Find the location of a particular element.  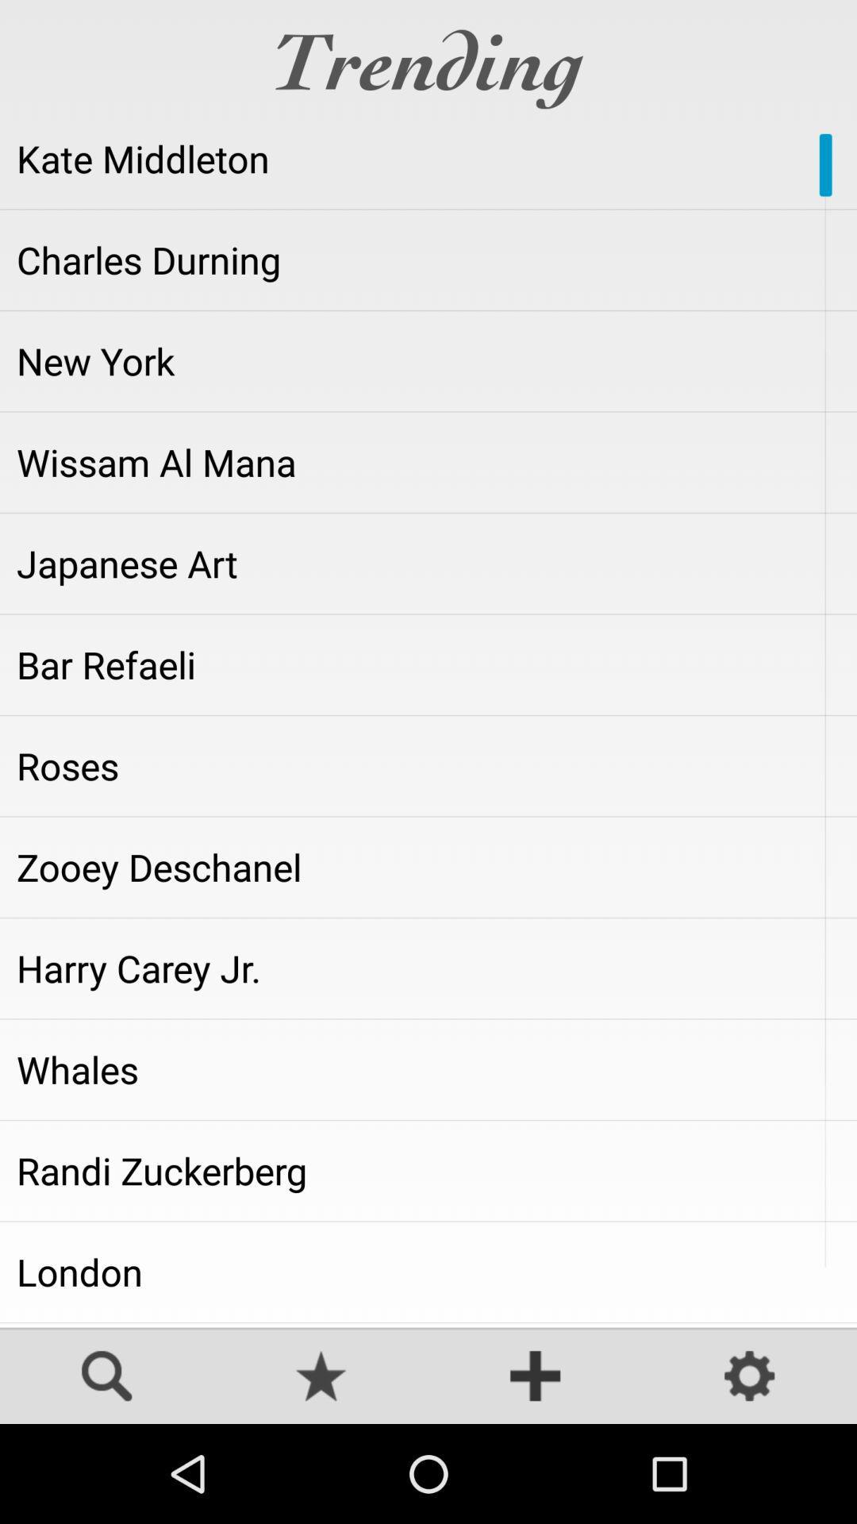

the icon below the new york icon is located at coordinates (428, 461).